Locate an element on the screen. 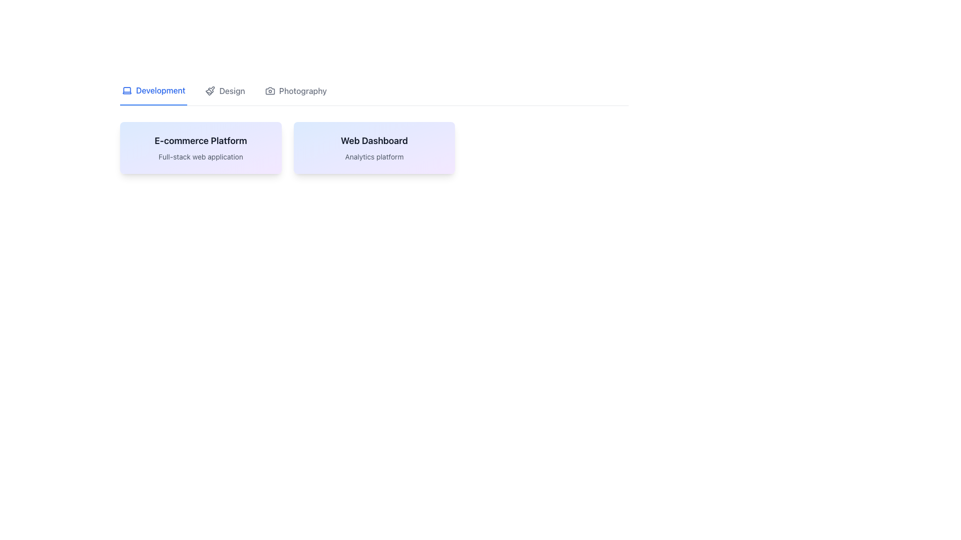  the laptop icon located in the top-left corner of the 'Development' tab, which has a minimalist outline design is located at coordinates (127, 90).